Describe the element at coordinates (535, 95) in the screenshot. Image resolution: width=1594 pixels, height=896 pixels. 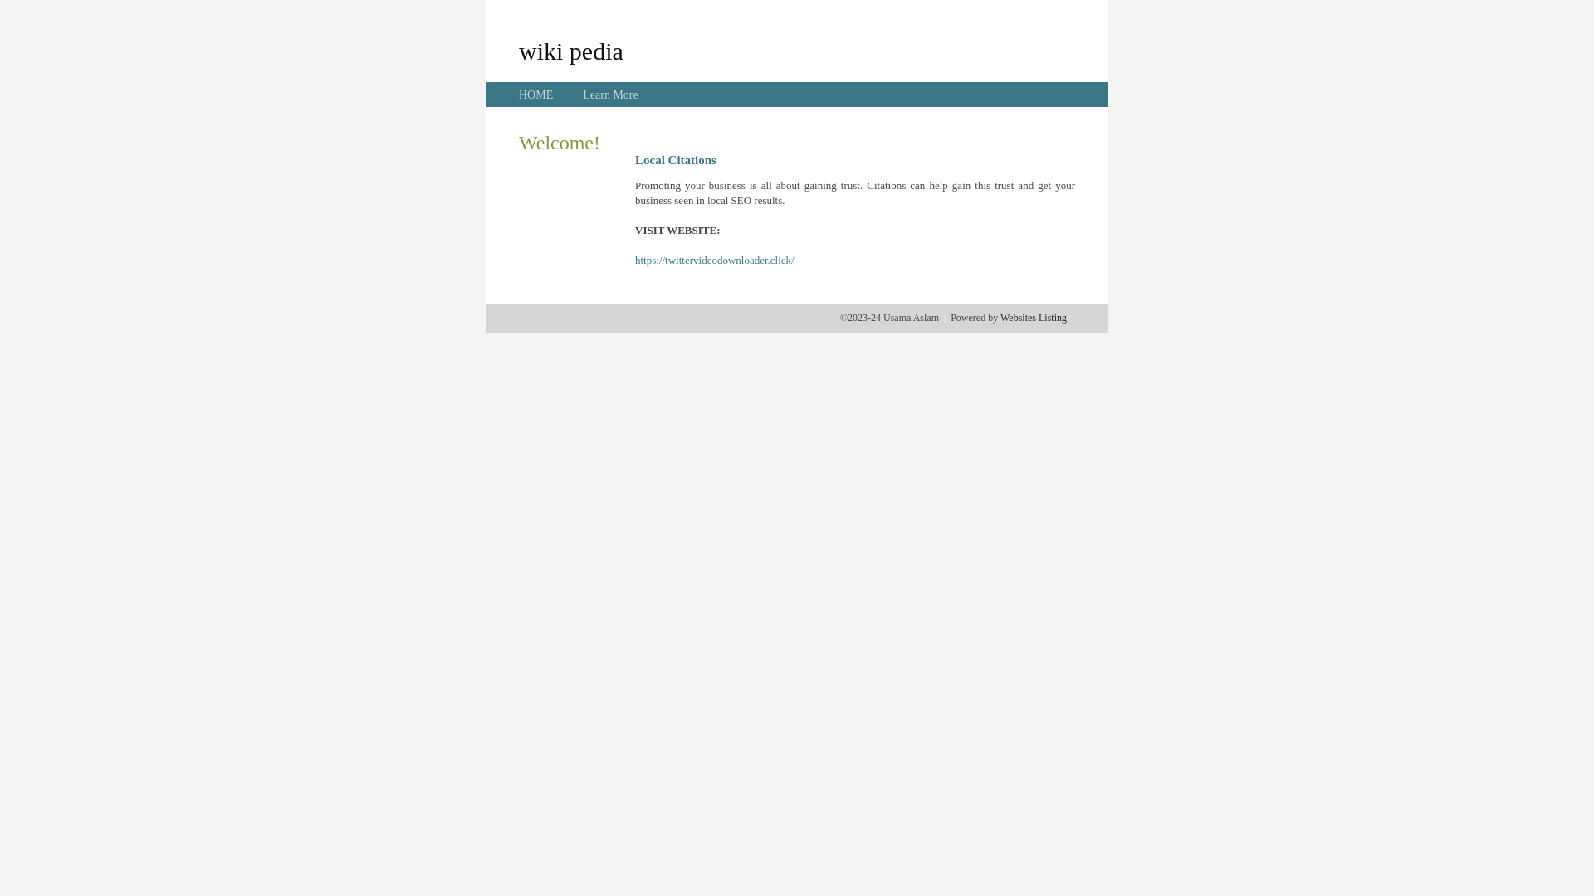
I see `'HOME'` at that location.